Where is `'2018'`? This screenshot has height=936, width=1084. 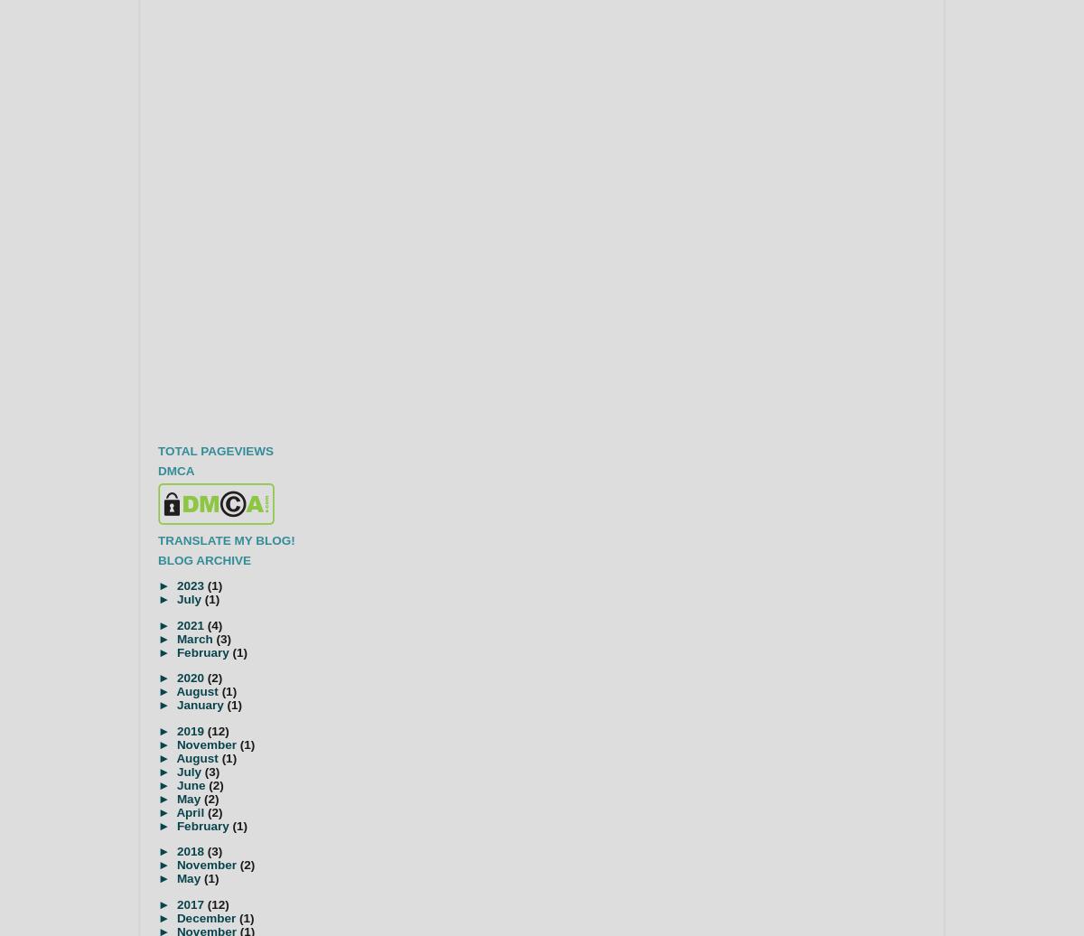 '2018' is located at coordinates (191, 851).